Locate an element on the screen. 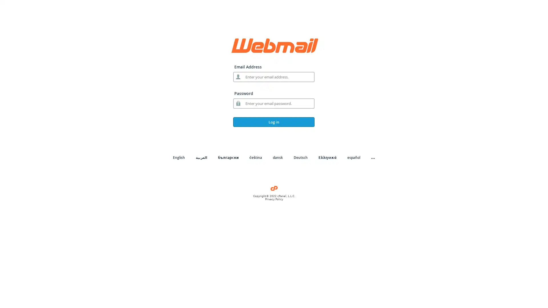 Image resolution: width=548 pixels, height=308 pixels. Log in is located at coordinates (273, 122).